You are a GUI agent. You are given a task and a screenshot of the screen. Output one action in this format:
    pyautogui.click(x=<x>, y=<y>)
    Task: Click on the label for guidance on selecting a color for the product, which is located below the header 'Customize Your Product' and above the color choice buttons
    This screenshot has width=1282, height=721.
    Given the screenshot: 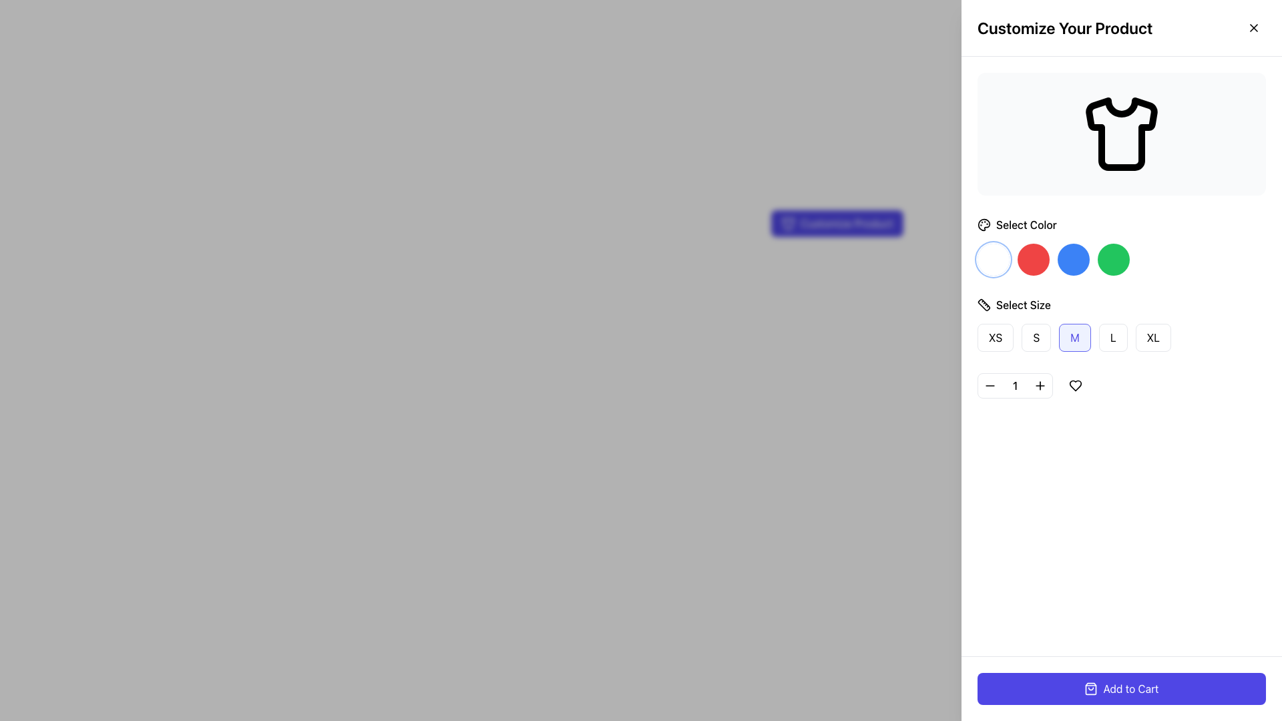 What is the action you would take?
    pyautogui.click(x=980, y=223)
    